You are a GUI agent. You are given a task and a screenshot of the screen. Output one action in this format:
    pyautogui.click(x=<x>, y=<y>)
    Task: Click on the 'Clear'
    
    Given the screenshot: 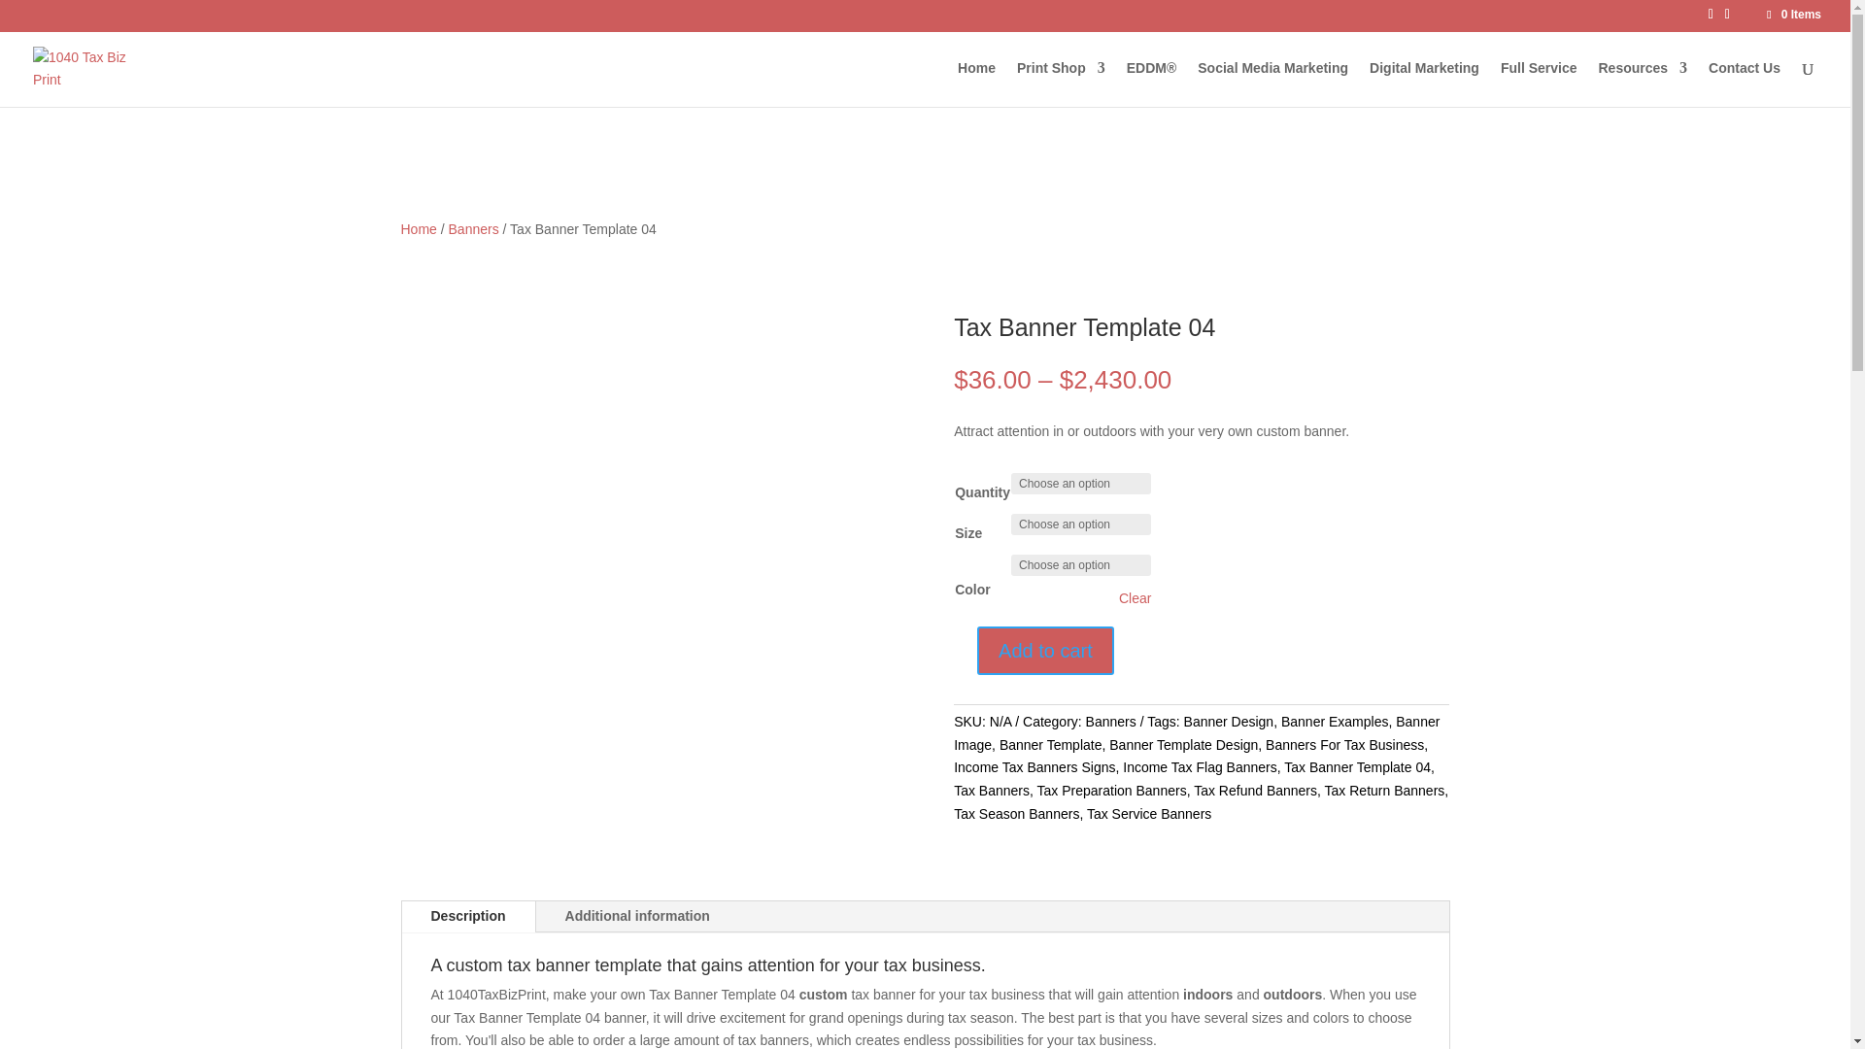 What is the action you would take?
    pyautogui.click(x=1135, y=597)
    